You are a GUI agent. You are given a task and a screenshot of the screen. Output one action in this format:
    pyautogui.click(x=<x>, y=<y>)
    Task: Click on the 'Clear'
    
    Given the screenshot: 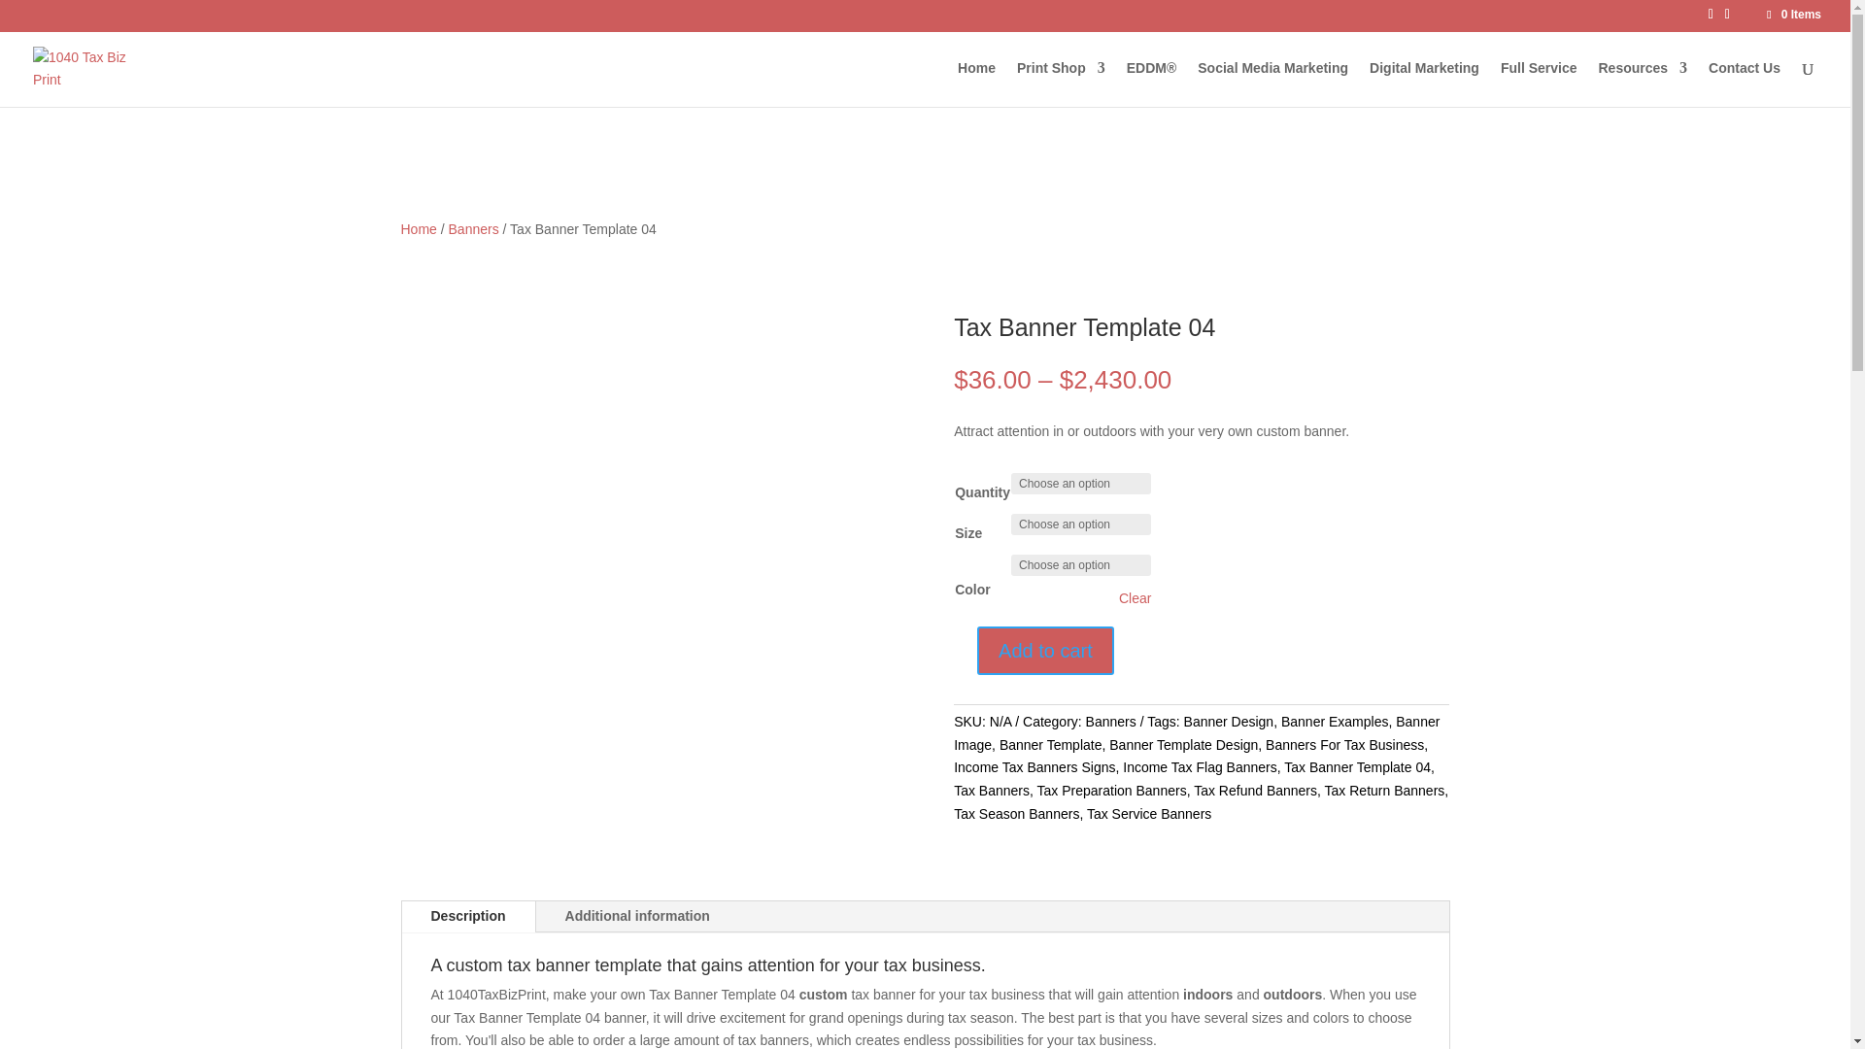 What is the action you would take?
    pyautogui.click(x=1135, y=597)
    